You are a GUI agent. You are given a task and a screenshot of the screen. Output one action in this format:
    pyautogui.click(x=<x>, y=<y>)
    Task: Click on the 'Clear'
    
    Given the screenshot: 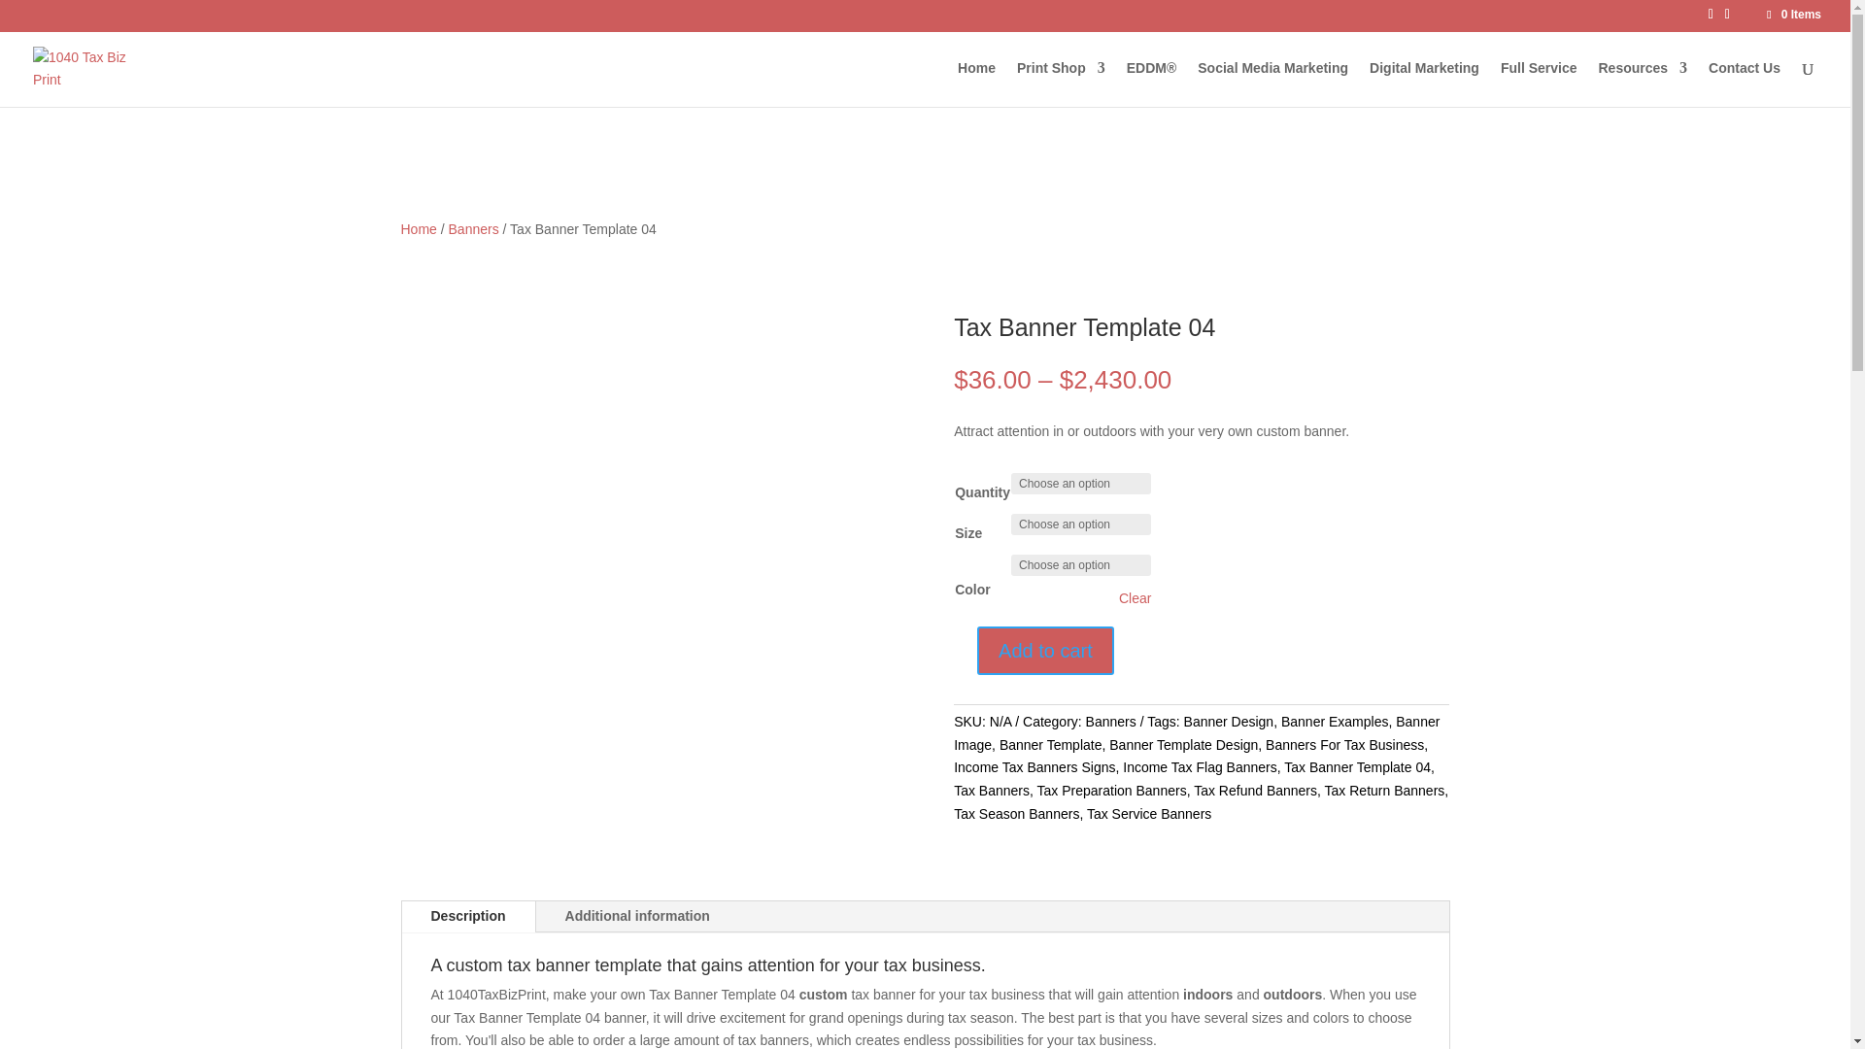 What is the action you would take?
    pyautogui.click(x=1135, y=597)
    